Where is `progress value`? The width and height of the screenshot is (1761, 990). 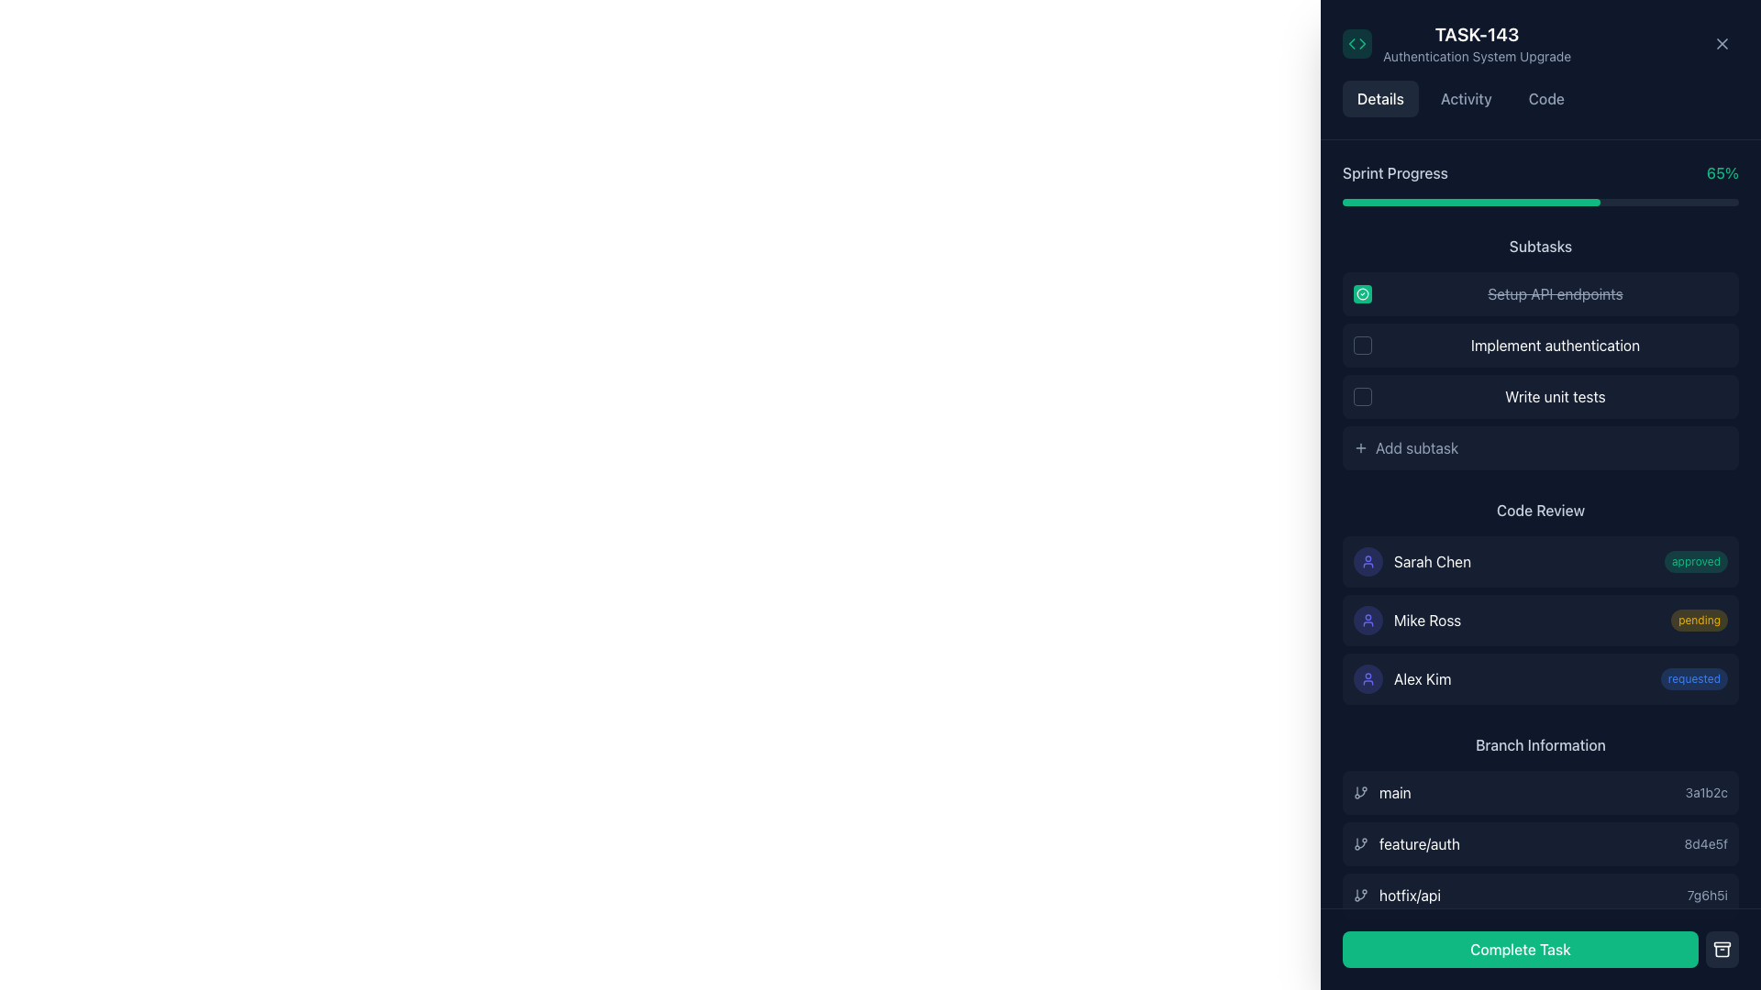
progress value is located at coordinates (1547, 202).